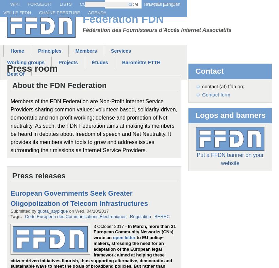  What do you see at coordinates (12, 175) in the screenshot?
I see `'Press releases'` at bounding box center [12, 175].